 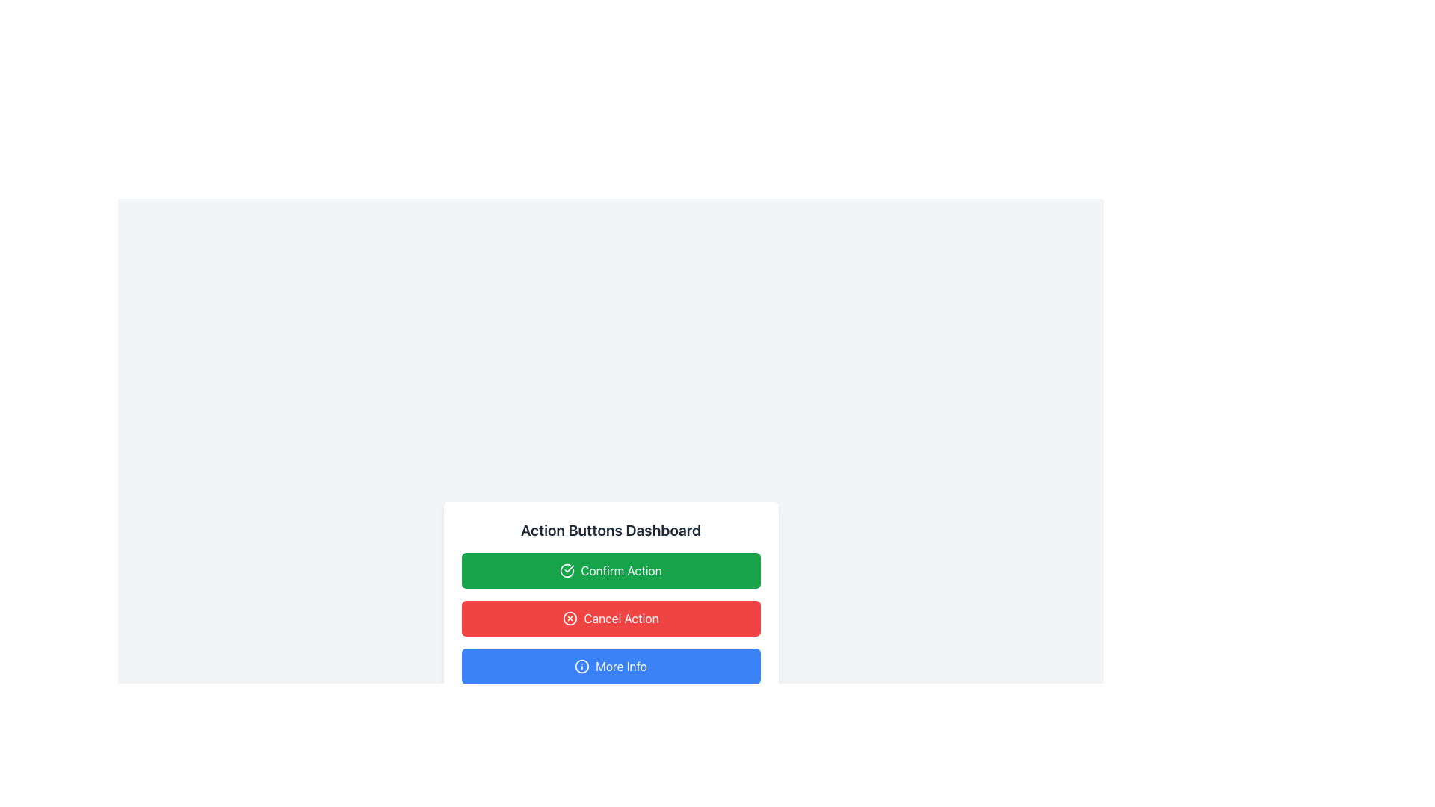 I want to click on the 'Confirm Action' text label, which is displayed in white on a green button located under the 'Action Buttons Dashboard', so click(x=621, y=570).